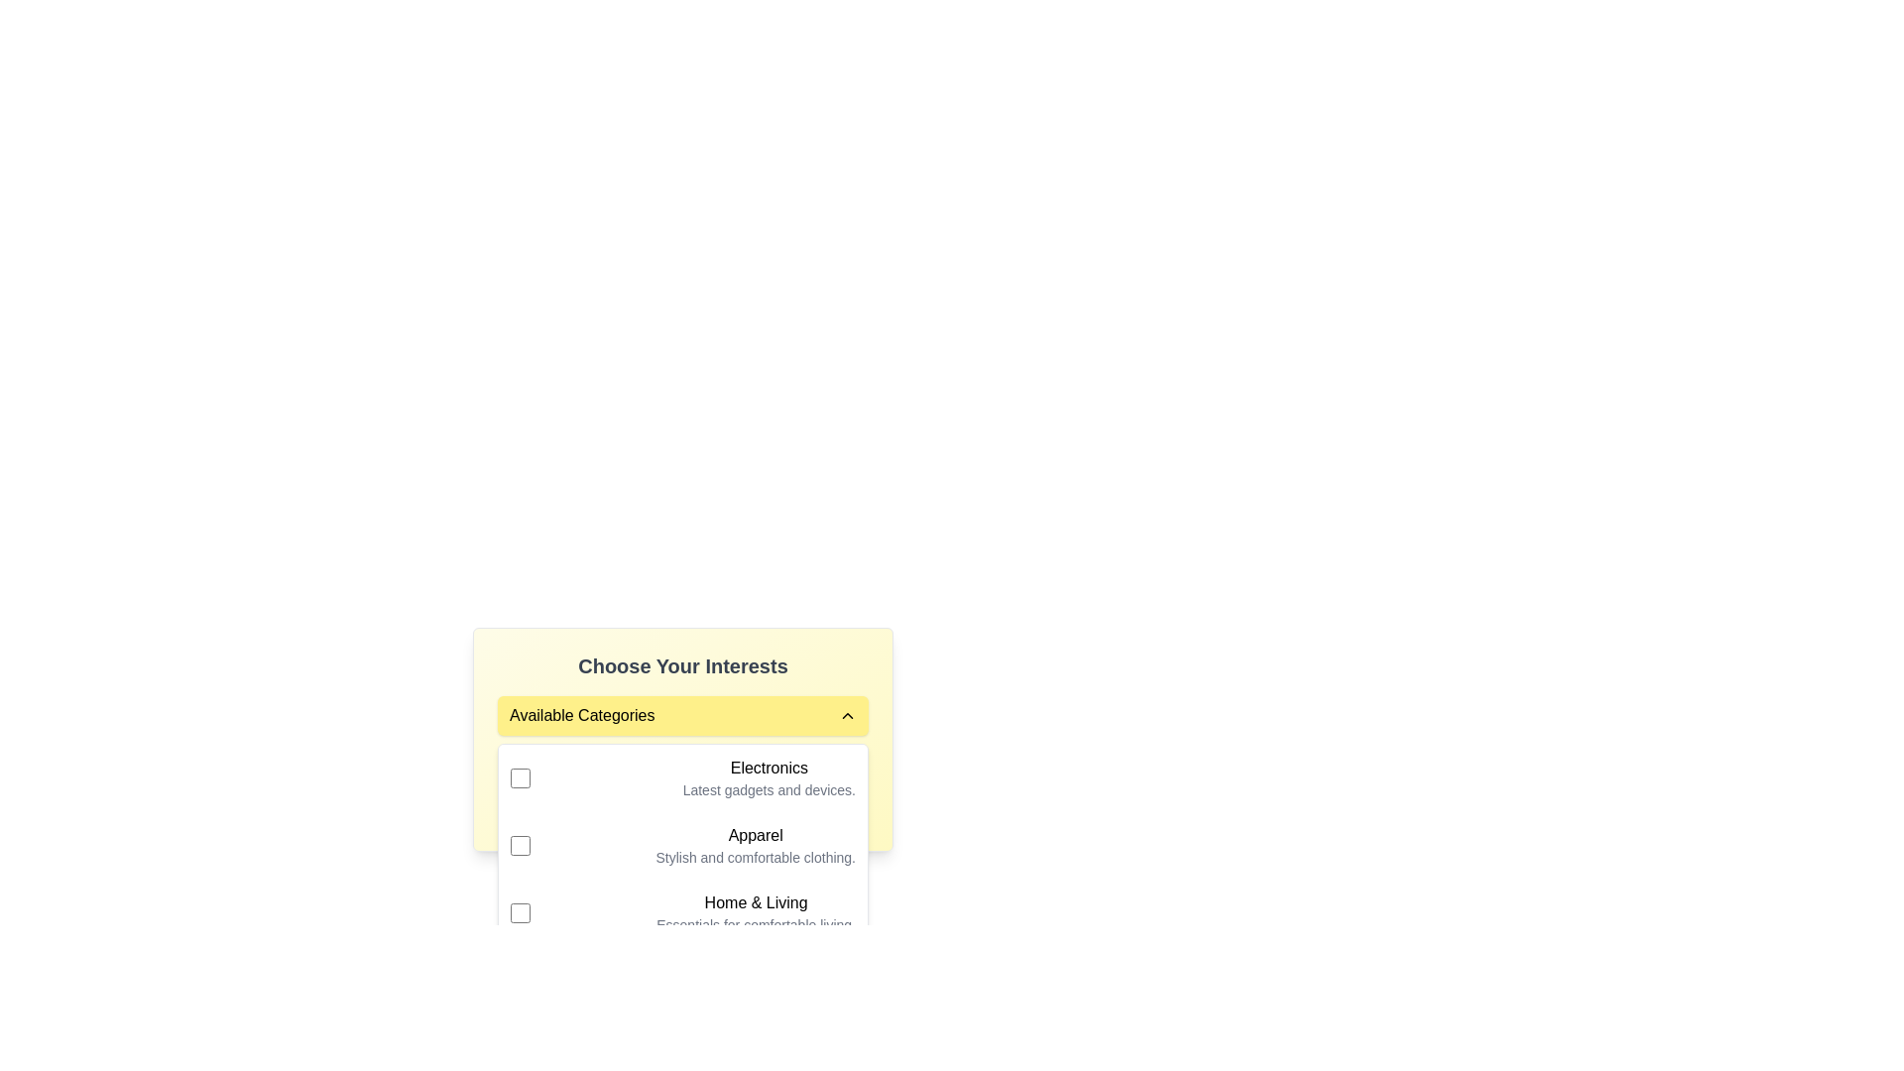  Describe the element at coordinates (683, 913) in the screenshot. I see `the checkbox next to the 'Home & Living' option in the dropdown menu under 'Available Categories'` at that location.